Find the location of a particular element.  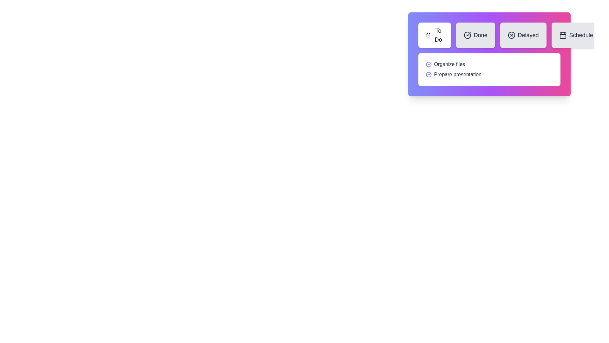

the Delayed tab button to observe its hover effect is located at coordinates (523, 35).